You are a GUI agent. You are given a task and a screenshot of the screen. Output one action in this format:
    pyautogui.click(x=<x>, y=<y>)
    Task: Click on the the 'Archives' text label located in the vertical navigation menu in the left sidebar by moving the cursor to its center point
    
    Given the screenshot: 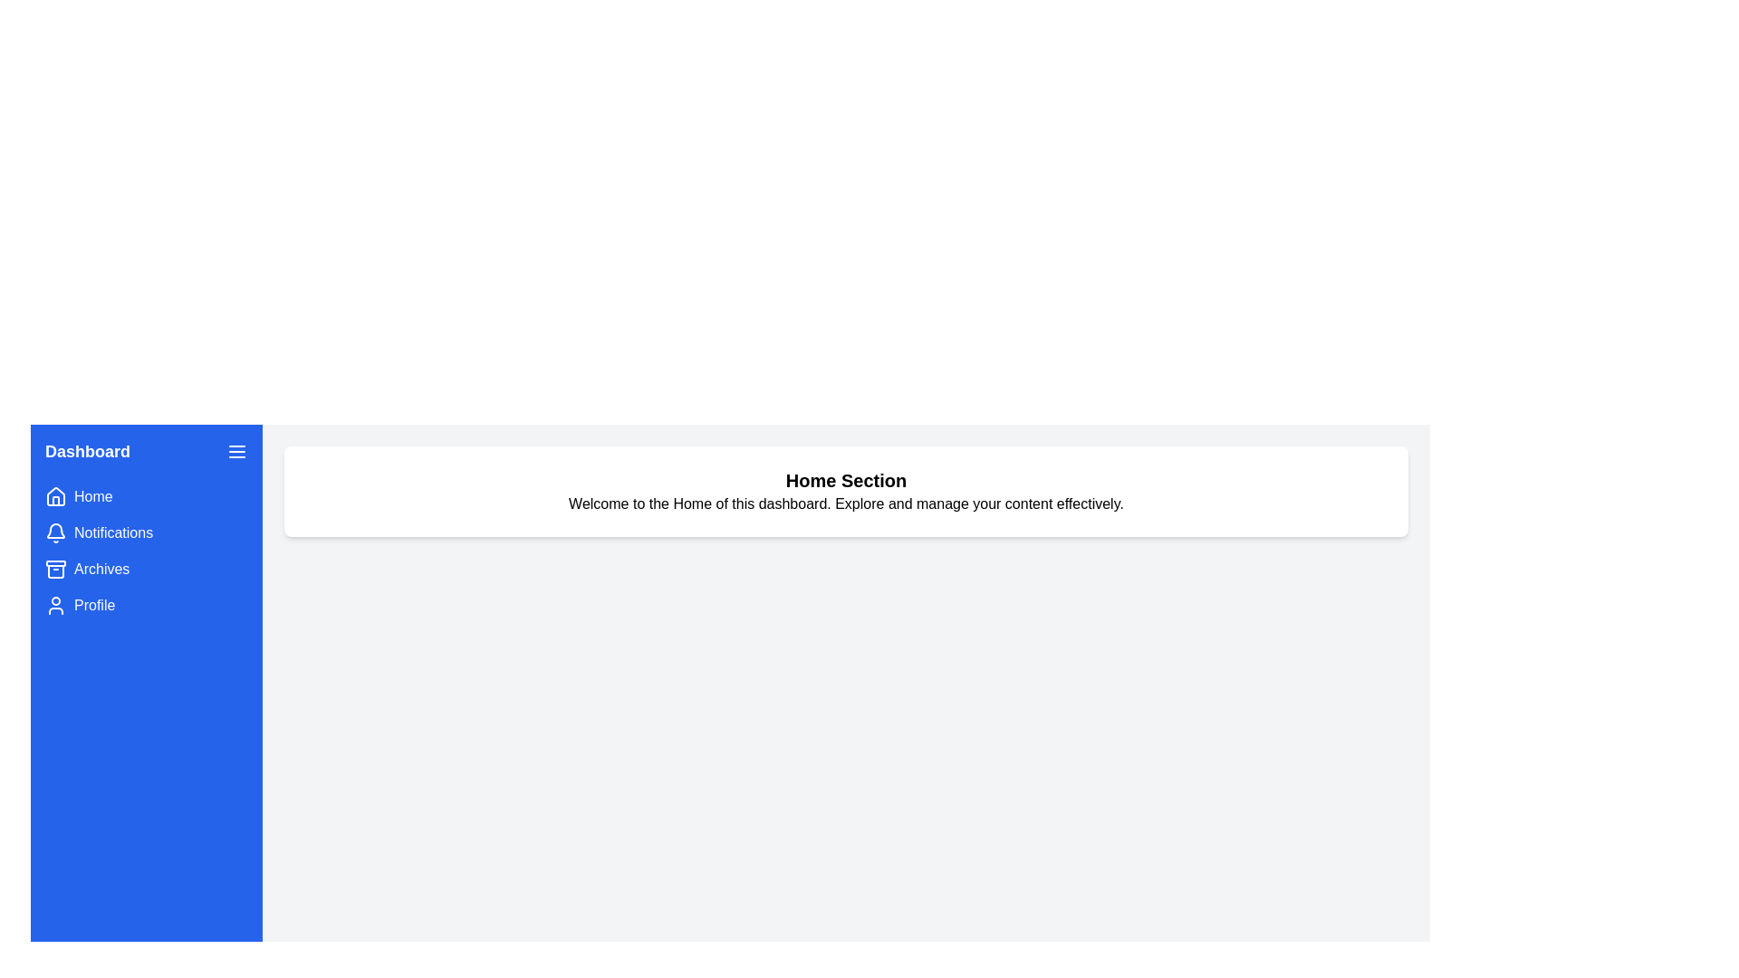 What is the action you would take?
    pyautogui.click(x=101, y=568)
    